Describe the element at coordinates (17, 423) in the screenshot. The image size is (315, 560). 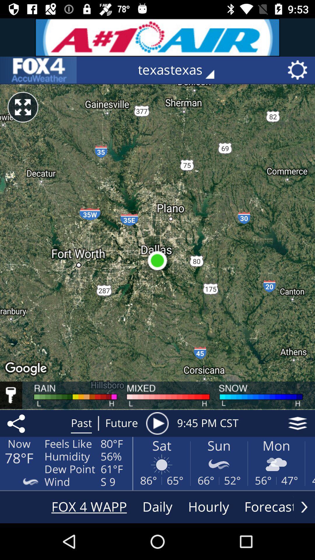
I see `the share icon` at that location.